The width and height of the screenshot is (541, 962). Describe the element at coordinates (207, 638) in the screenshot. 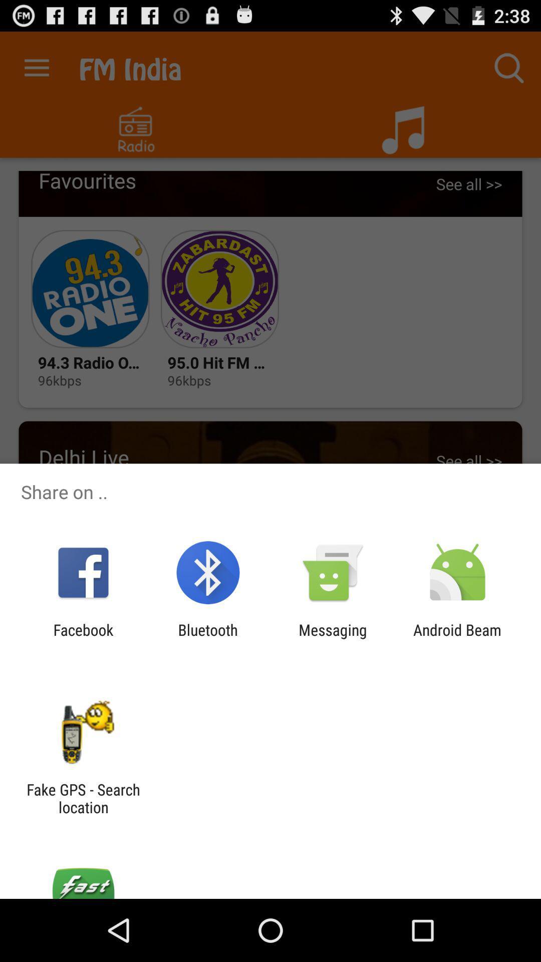

I see `icon to the left of the messaging` at that location.